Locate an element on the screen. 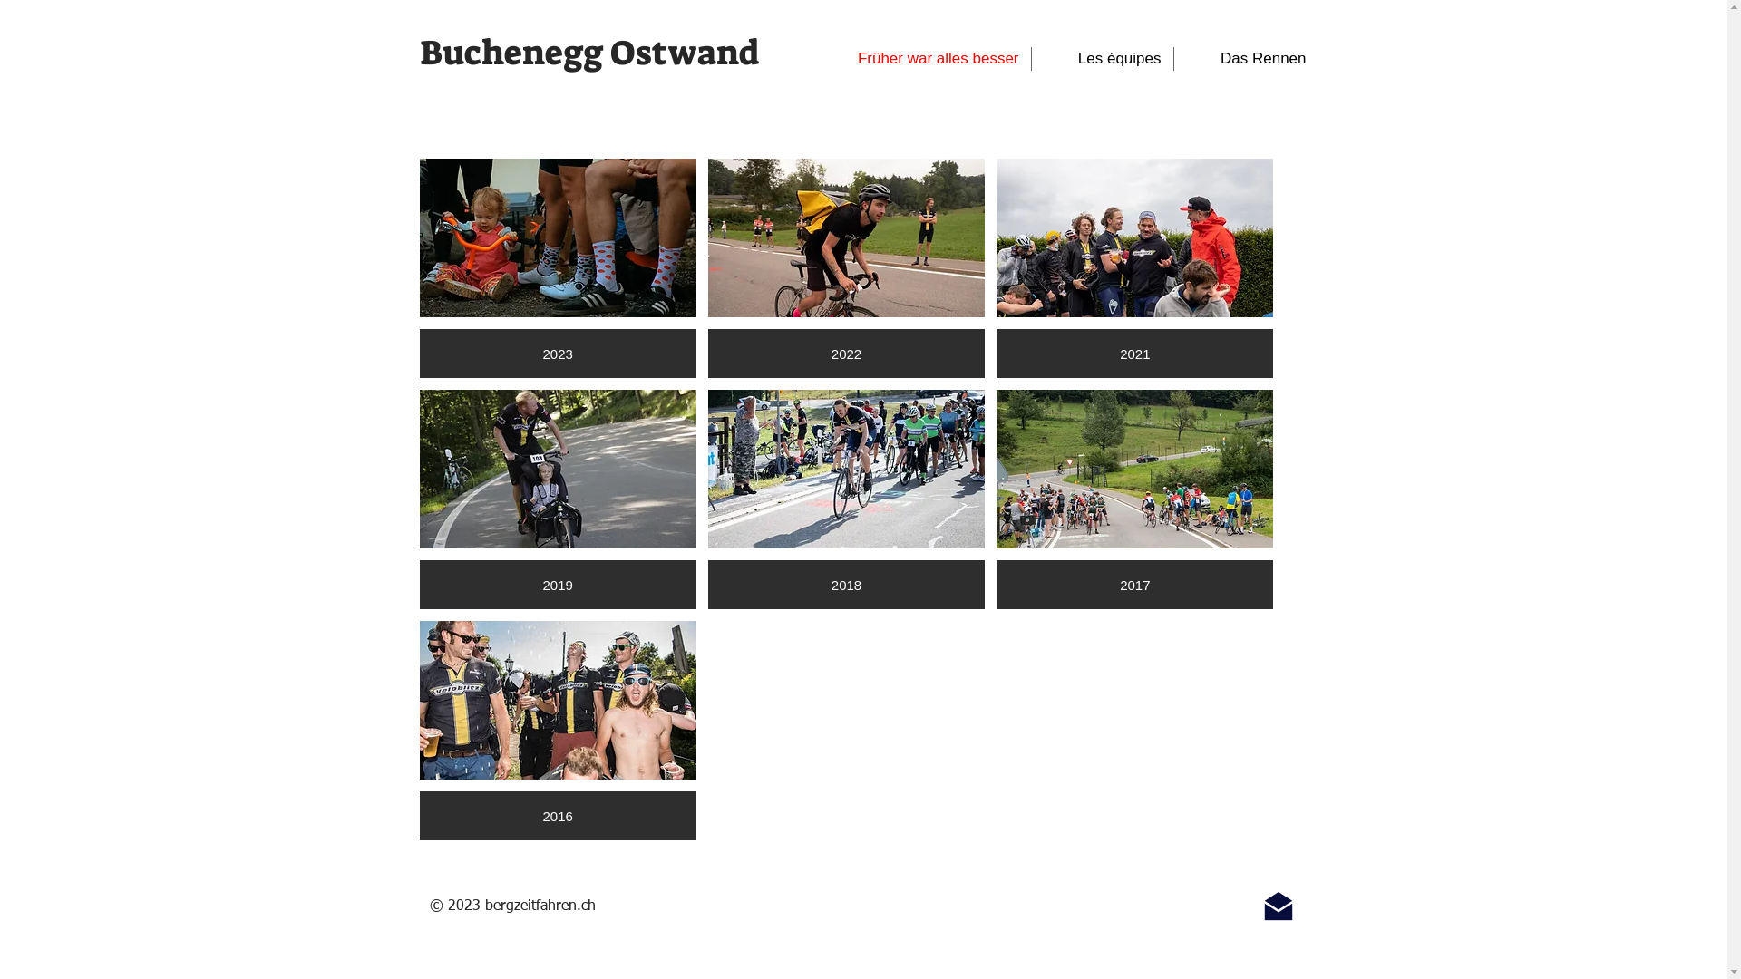 This screenshot has height=979, width=1741. '2016' is located at coordinates (556, 730).